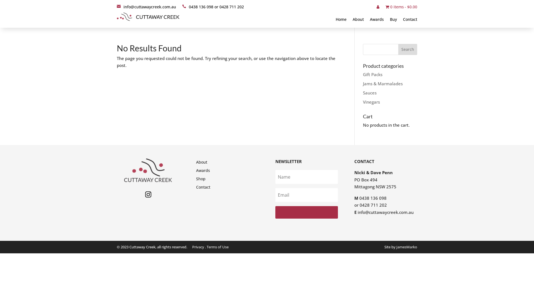  Describe the element at coordinates (363, 83) in the screenshot. I see `'Jams & Marmalades'` at that location.